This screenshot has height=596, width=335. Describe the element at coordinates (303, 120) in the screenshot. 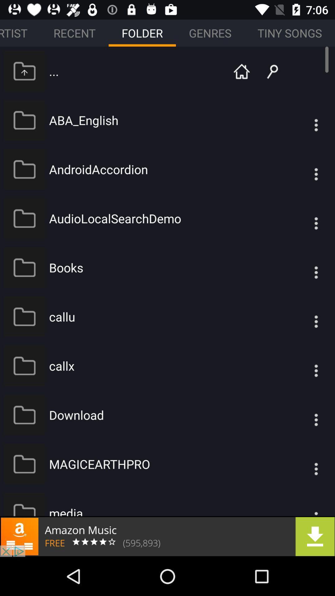

I see `chapter settings` at that location.